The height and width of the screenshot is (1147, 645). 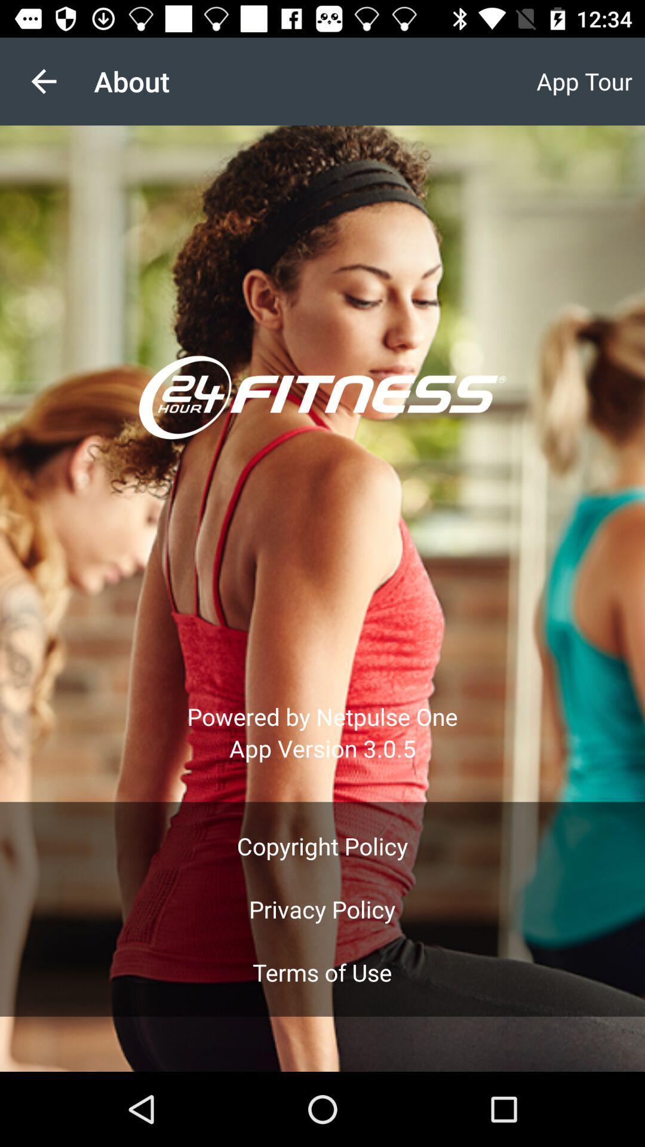 I want to click on the item at the top right corner, so click(x=583, y=81).